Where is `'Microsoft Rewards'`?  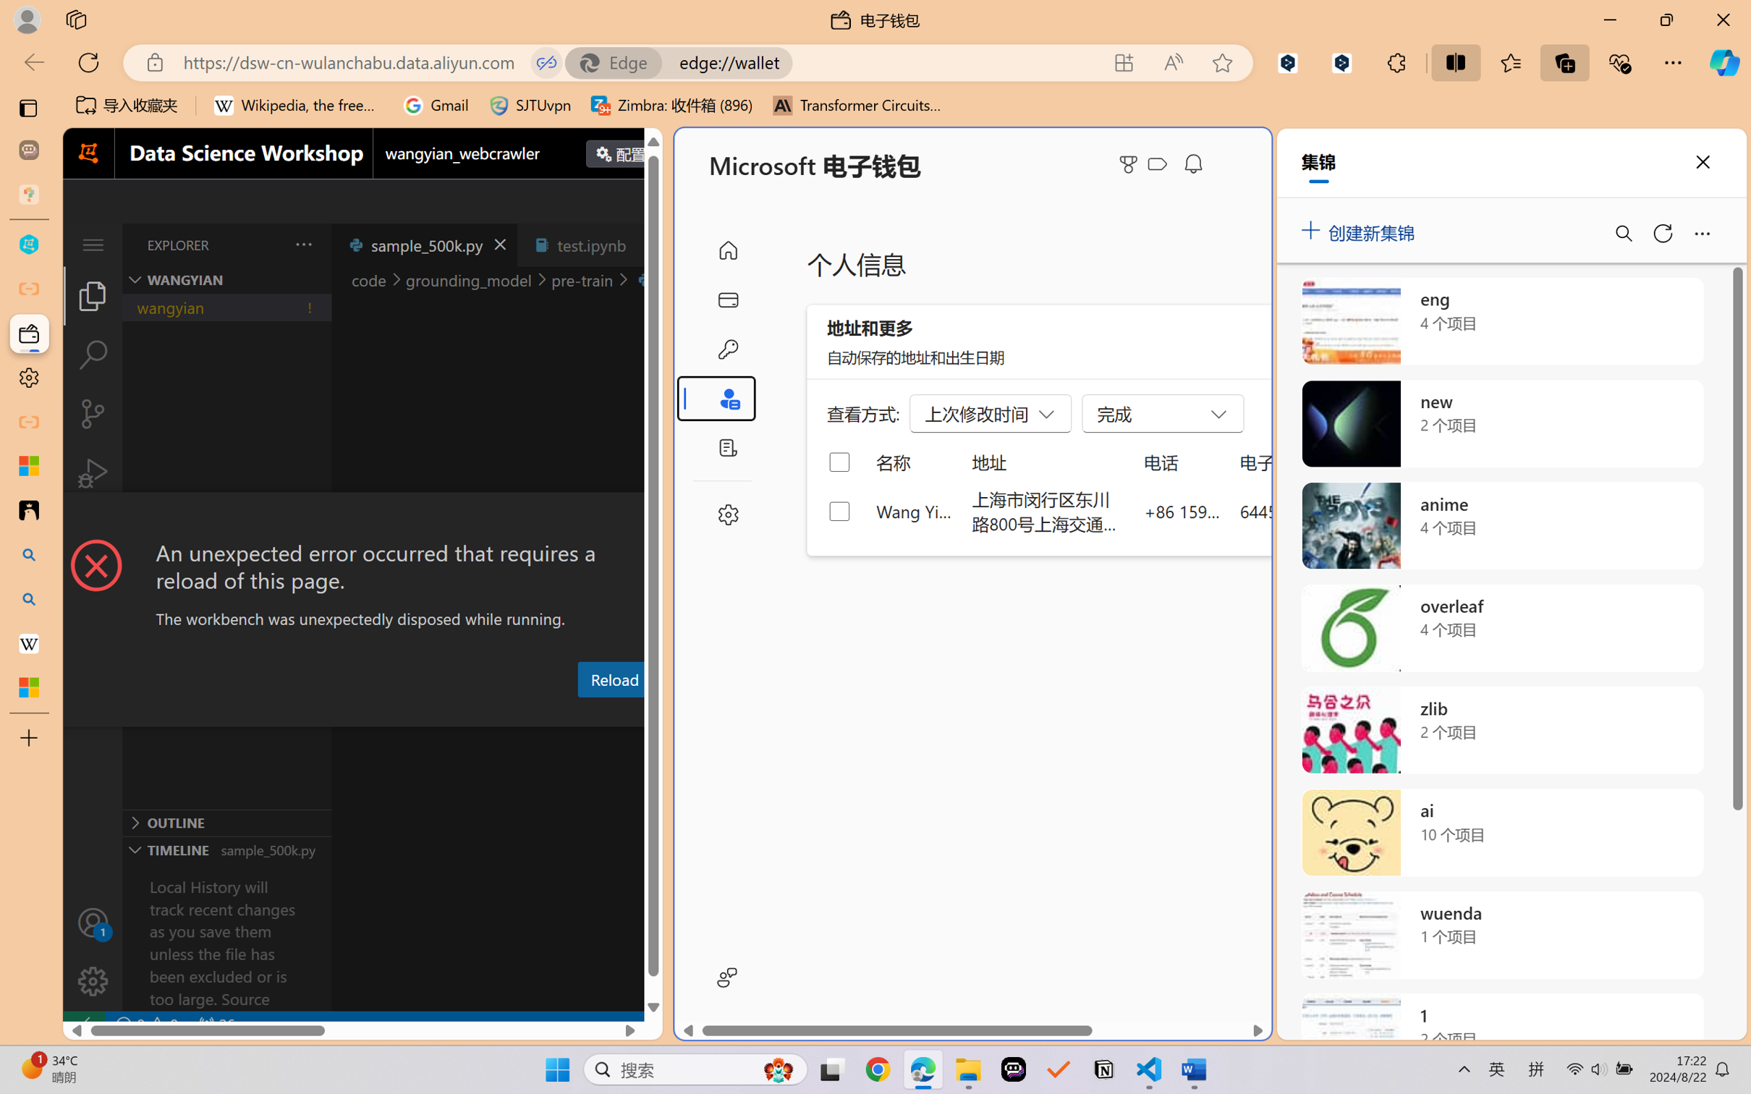
'Microsoft Rewards' is located at coordinates (1131, 164).